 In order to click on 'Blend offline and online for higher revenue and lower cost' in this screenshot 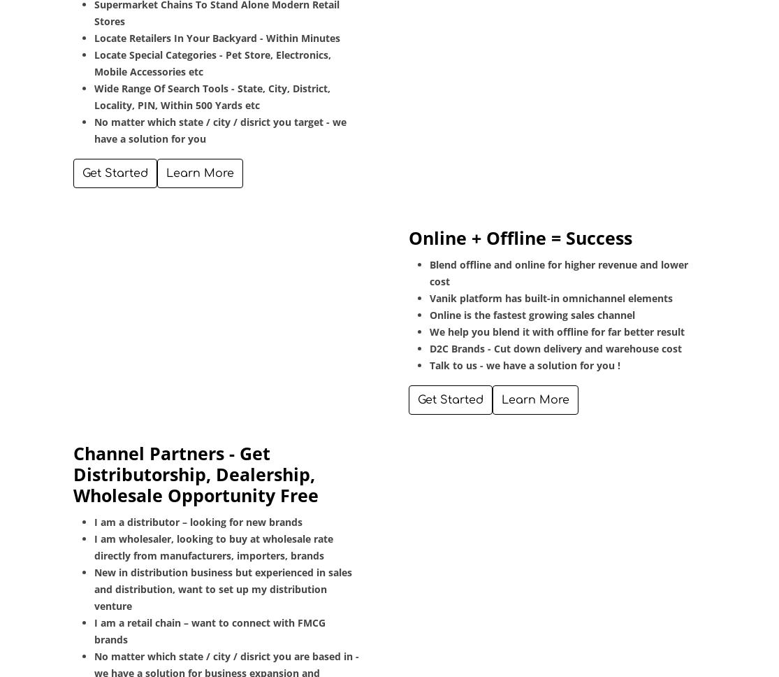, I will do `click(558, 271)`.